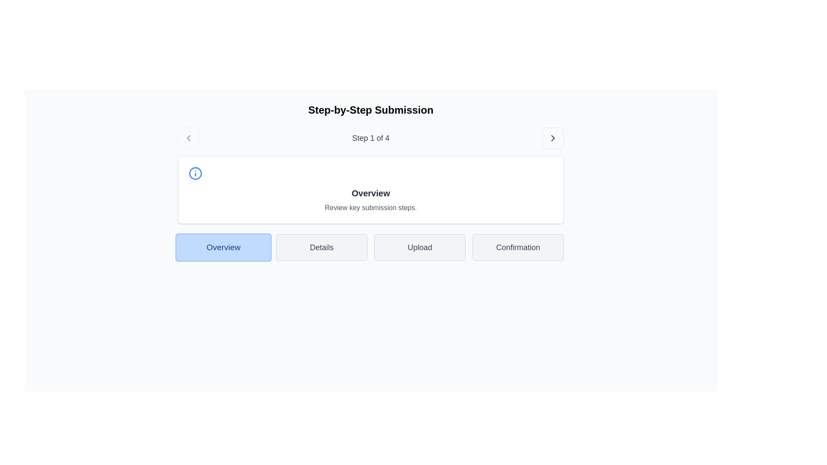 Image resolution: width=827 pixels, height=465 pixels. I want to click on the circular part of the information symbol icon located centrally within the larger rectangular card component in the interface, so click(195, 173).